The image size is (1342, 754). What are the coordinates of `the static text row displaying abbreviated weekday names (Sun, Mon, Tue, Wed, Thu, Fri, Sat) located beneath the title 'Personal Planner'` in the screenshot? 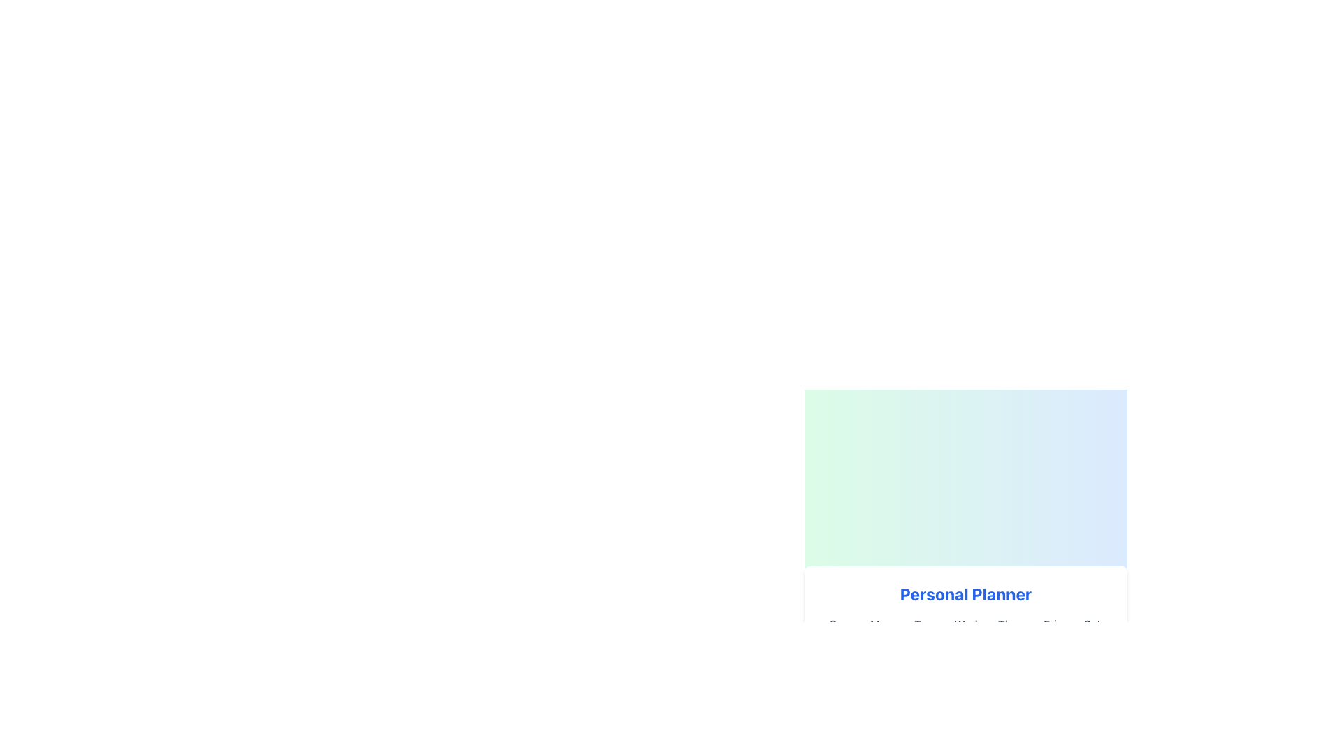 It's located at (965, 623).